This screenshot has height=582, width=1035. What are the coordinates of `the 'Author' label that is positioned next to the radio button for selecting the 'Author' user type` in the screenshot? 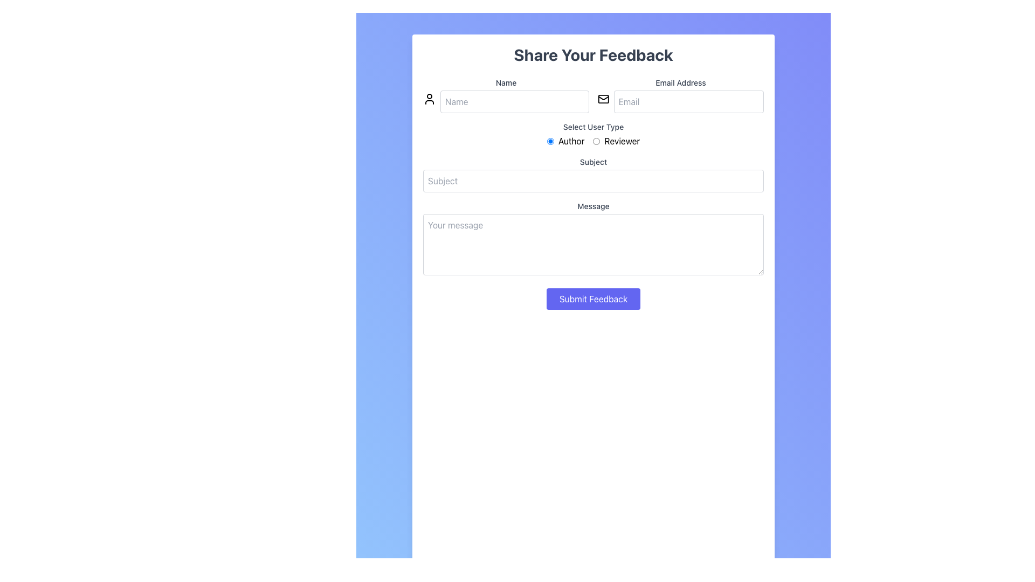 It's located at (565, 141).